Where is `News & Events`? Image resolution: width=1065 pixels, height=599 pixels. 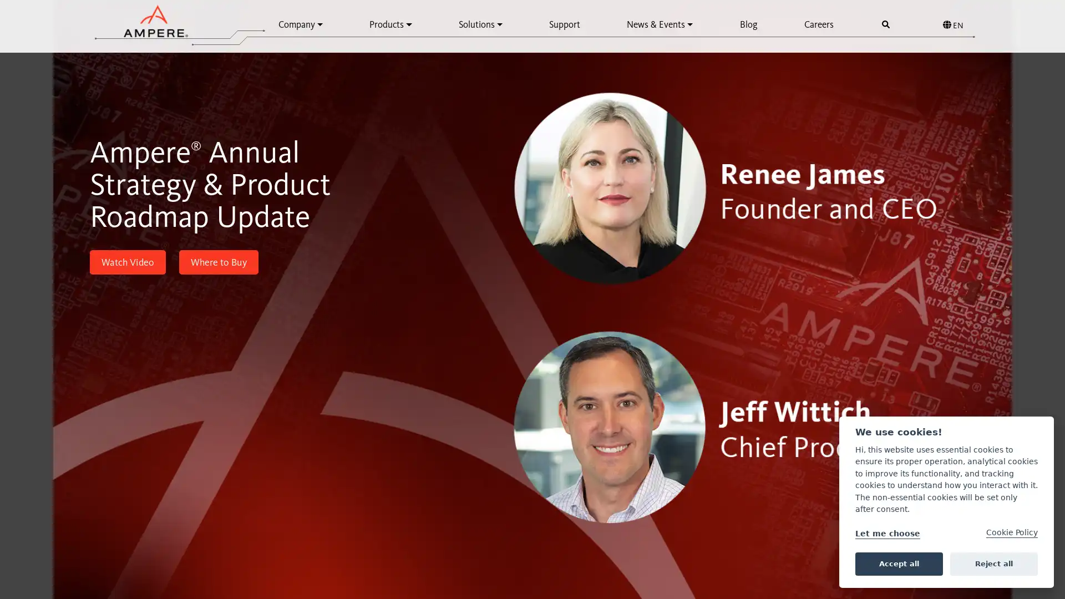 News & Events is located at coordinates (660, 24).